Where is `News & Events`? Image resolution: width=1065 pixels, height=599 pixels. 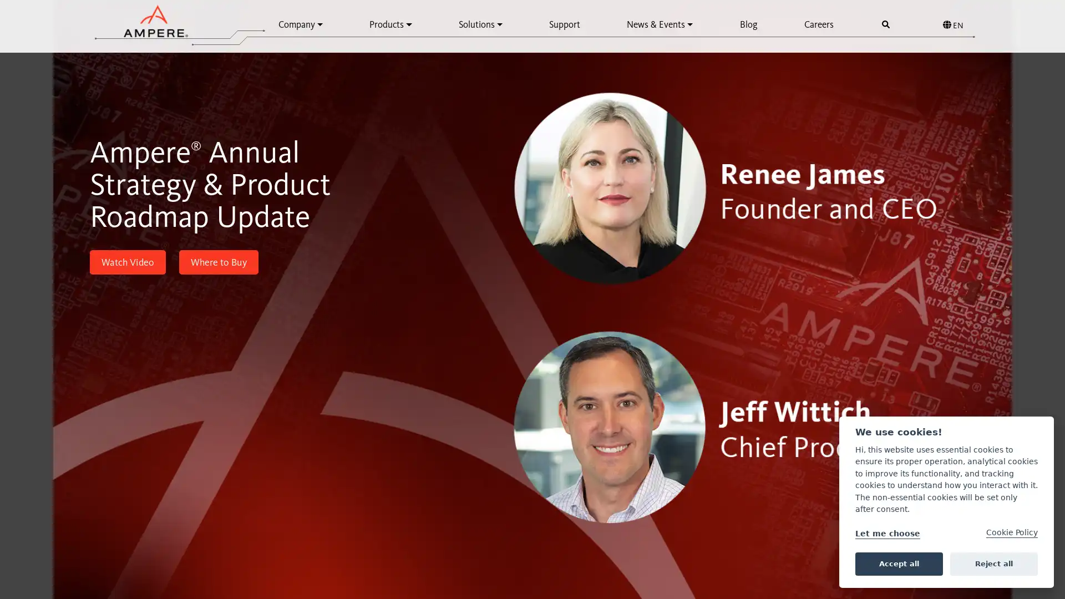 News & Events is located at coordinates (660, 24).